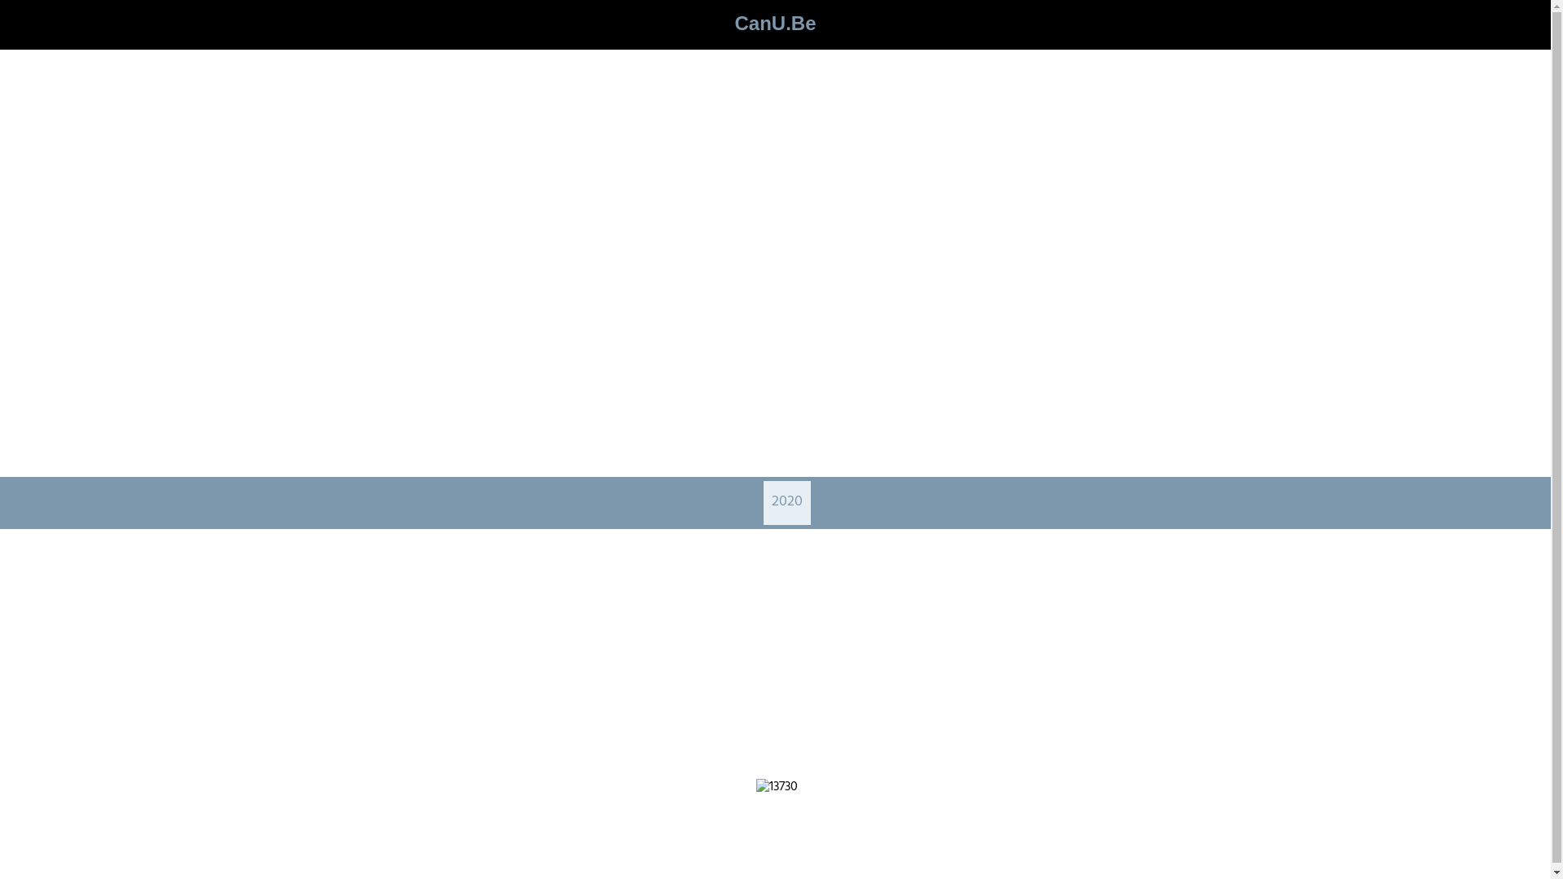 The height and width of the screenshot is (879, 1563). I want to click on '2020', so click(786, 501).